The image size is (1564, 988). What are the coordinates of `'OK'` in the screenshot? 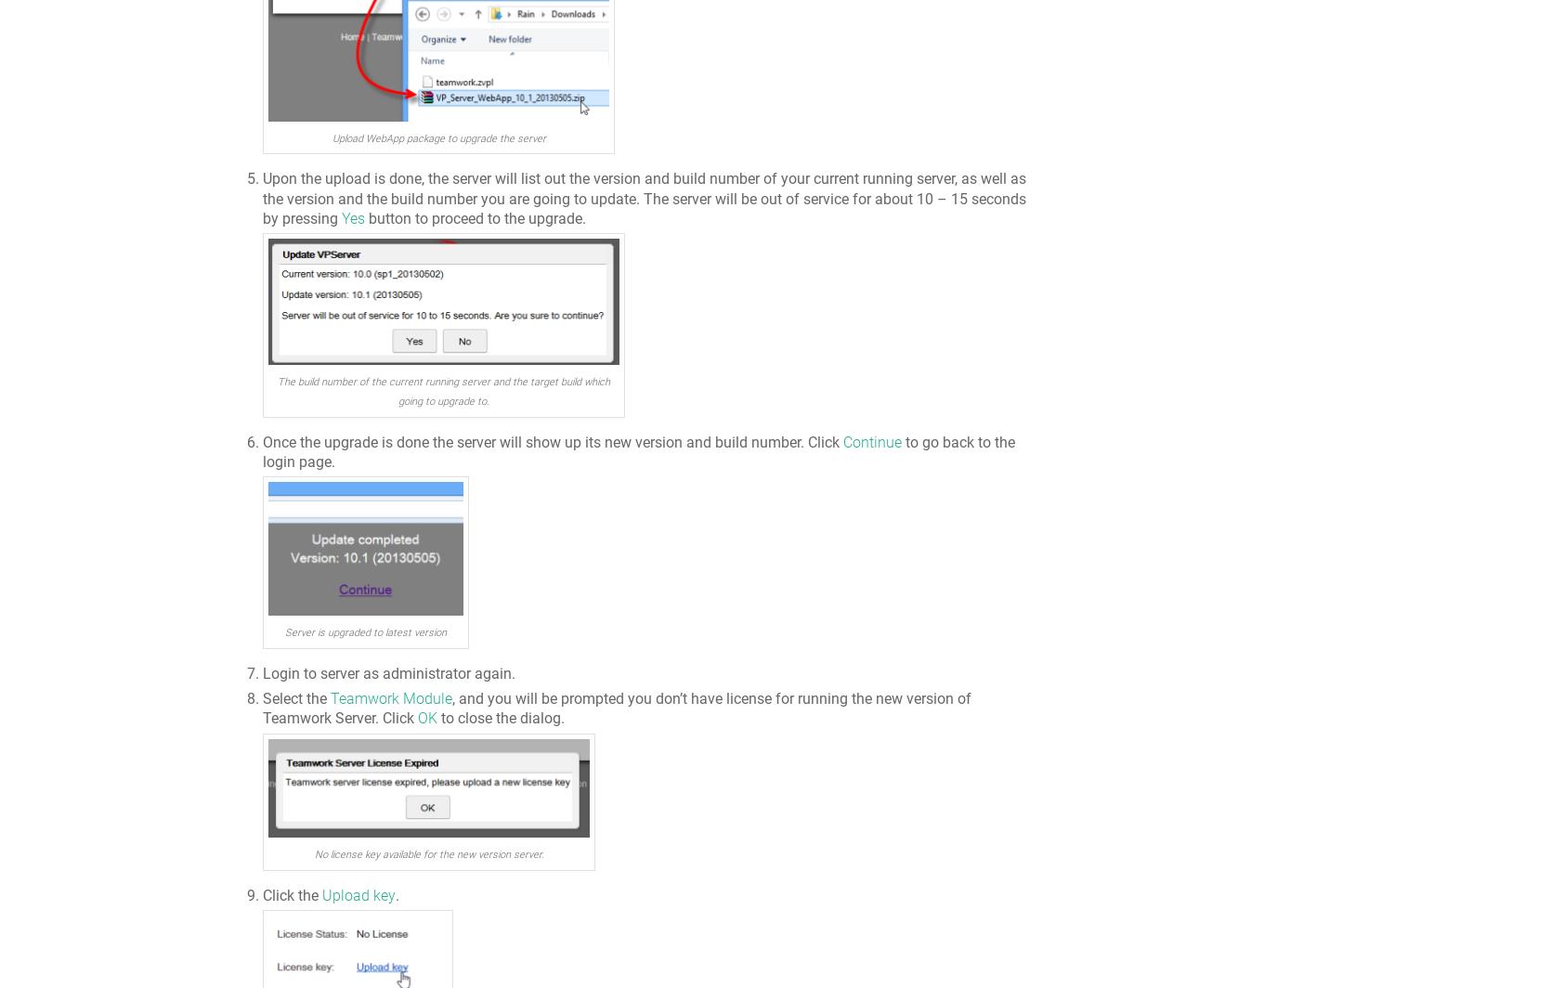 It's located at (426, 718).